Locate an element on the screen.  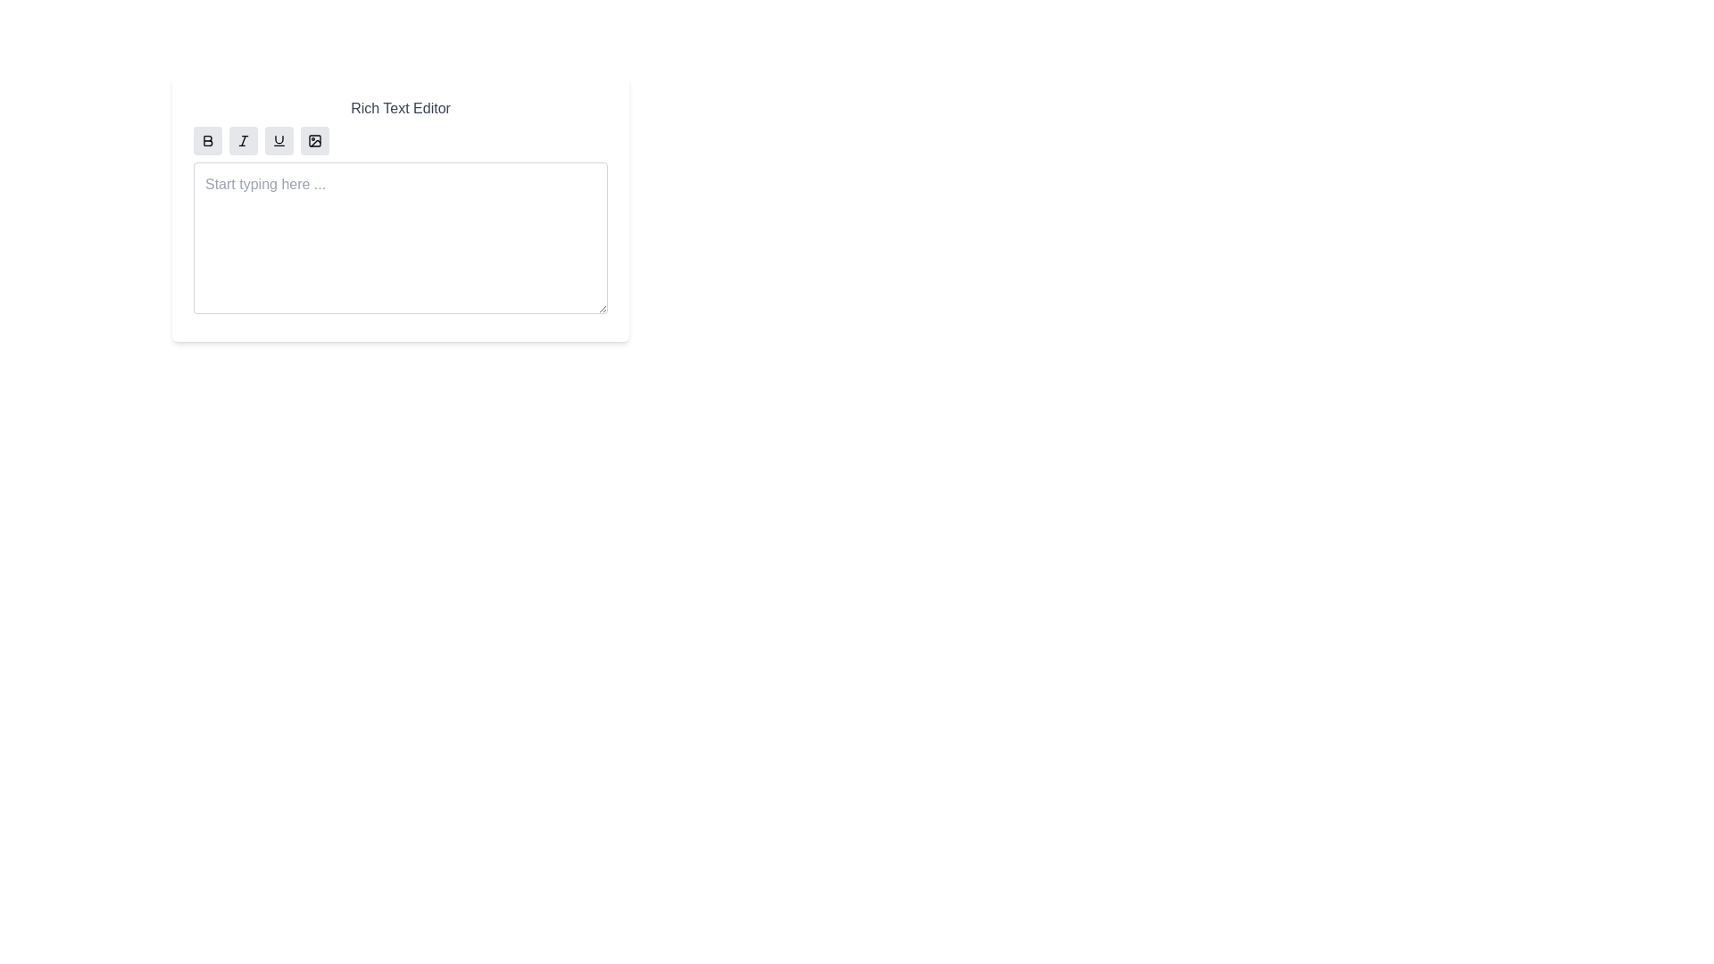
the square-shaped button with a light gray background and a black picture frame icon, located in the toolbar of the rich text editor is located at coordinates (315, 140).